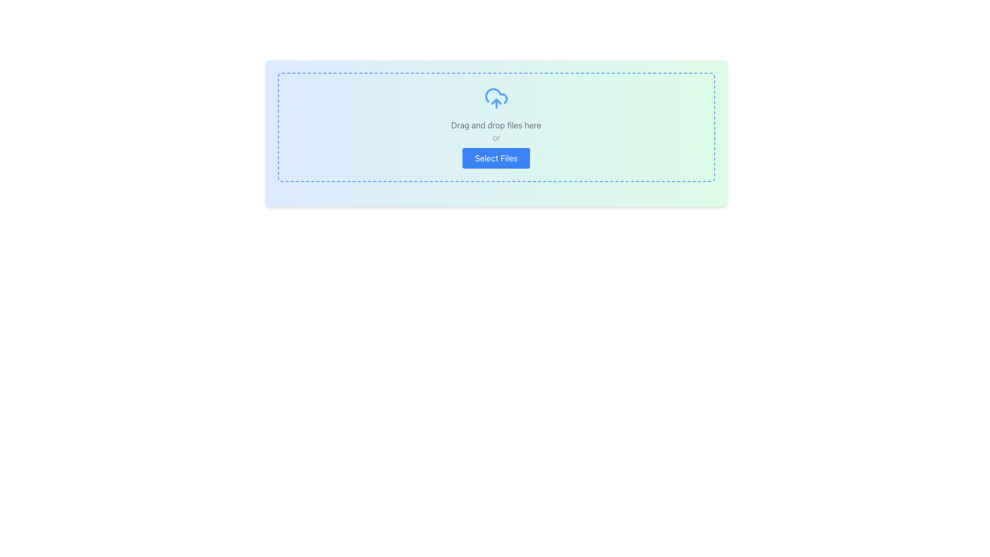  I want to click on the upward pointing arrow within the blue outlined cloud icon, which is located above the 'Drag and drop files here' text and the 'Select Files' button, so click(496, 101).